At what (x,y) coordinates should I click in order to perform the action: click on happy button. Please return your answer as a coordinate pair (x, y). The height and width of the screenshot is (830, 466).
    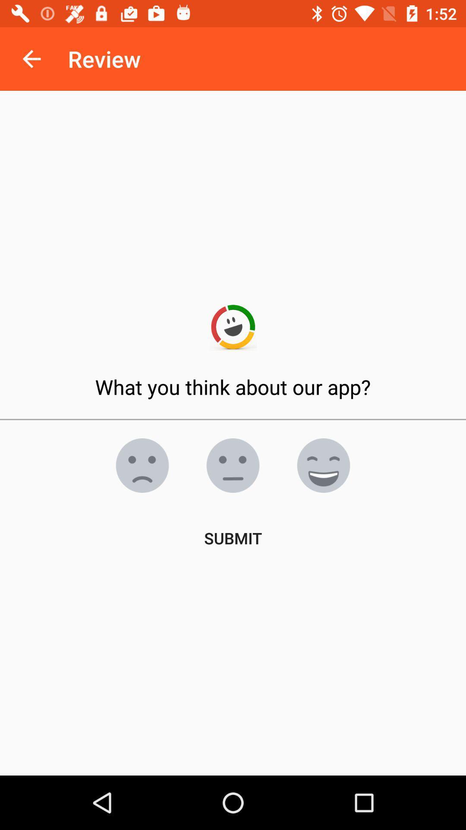
    Looking at the image, I should click on (323, 465).